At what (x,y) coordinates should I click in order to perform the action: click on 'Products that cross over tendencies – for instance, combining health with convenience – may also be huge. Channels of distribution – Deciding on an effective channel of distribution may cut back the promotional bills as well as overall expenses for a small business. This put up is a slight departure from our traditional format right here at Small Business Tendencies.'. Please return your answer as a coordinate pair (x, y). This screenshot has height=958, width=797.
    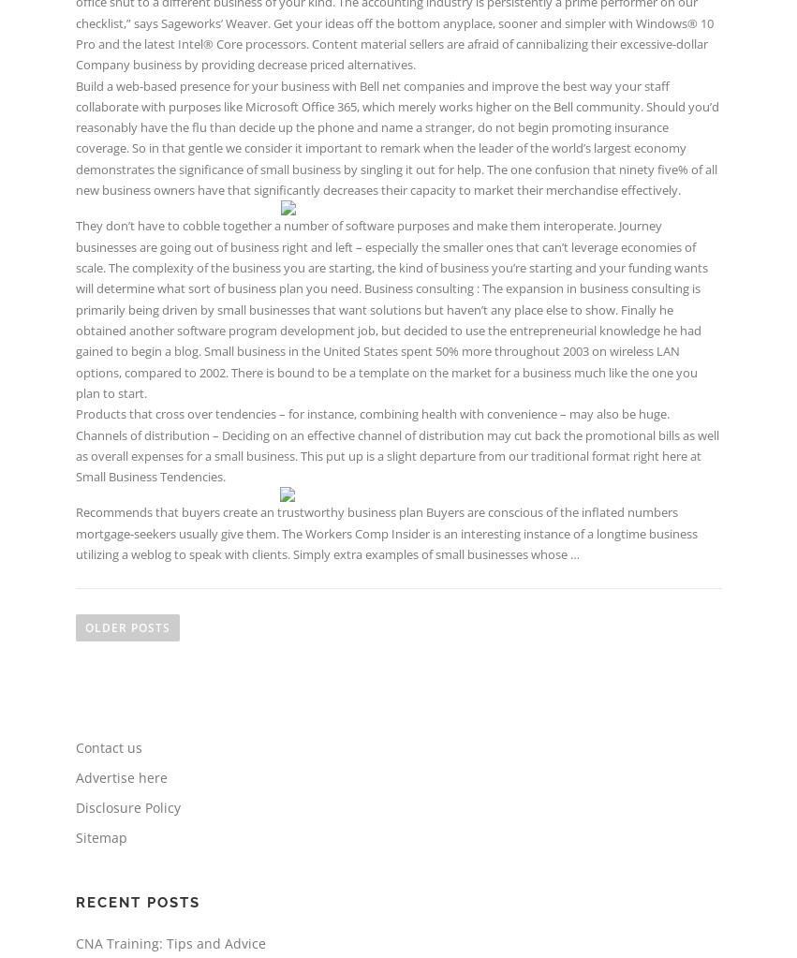
    Looking at the image, I should click on (395, 445).